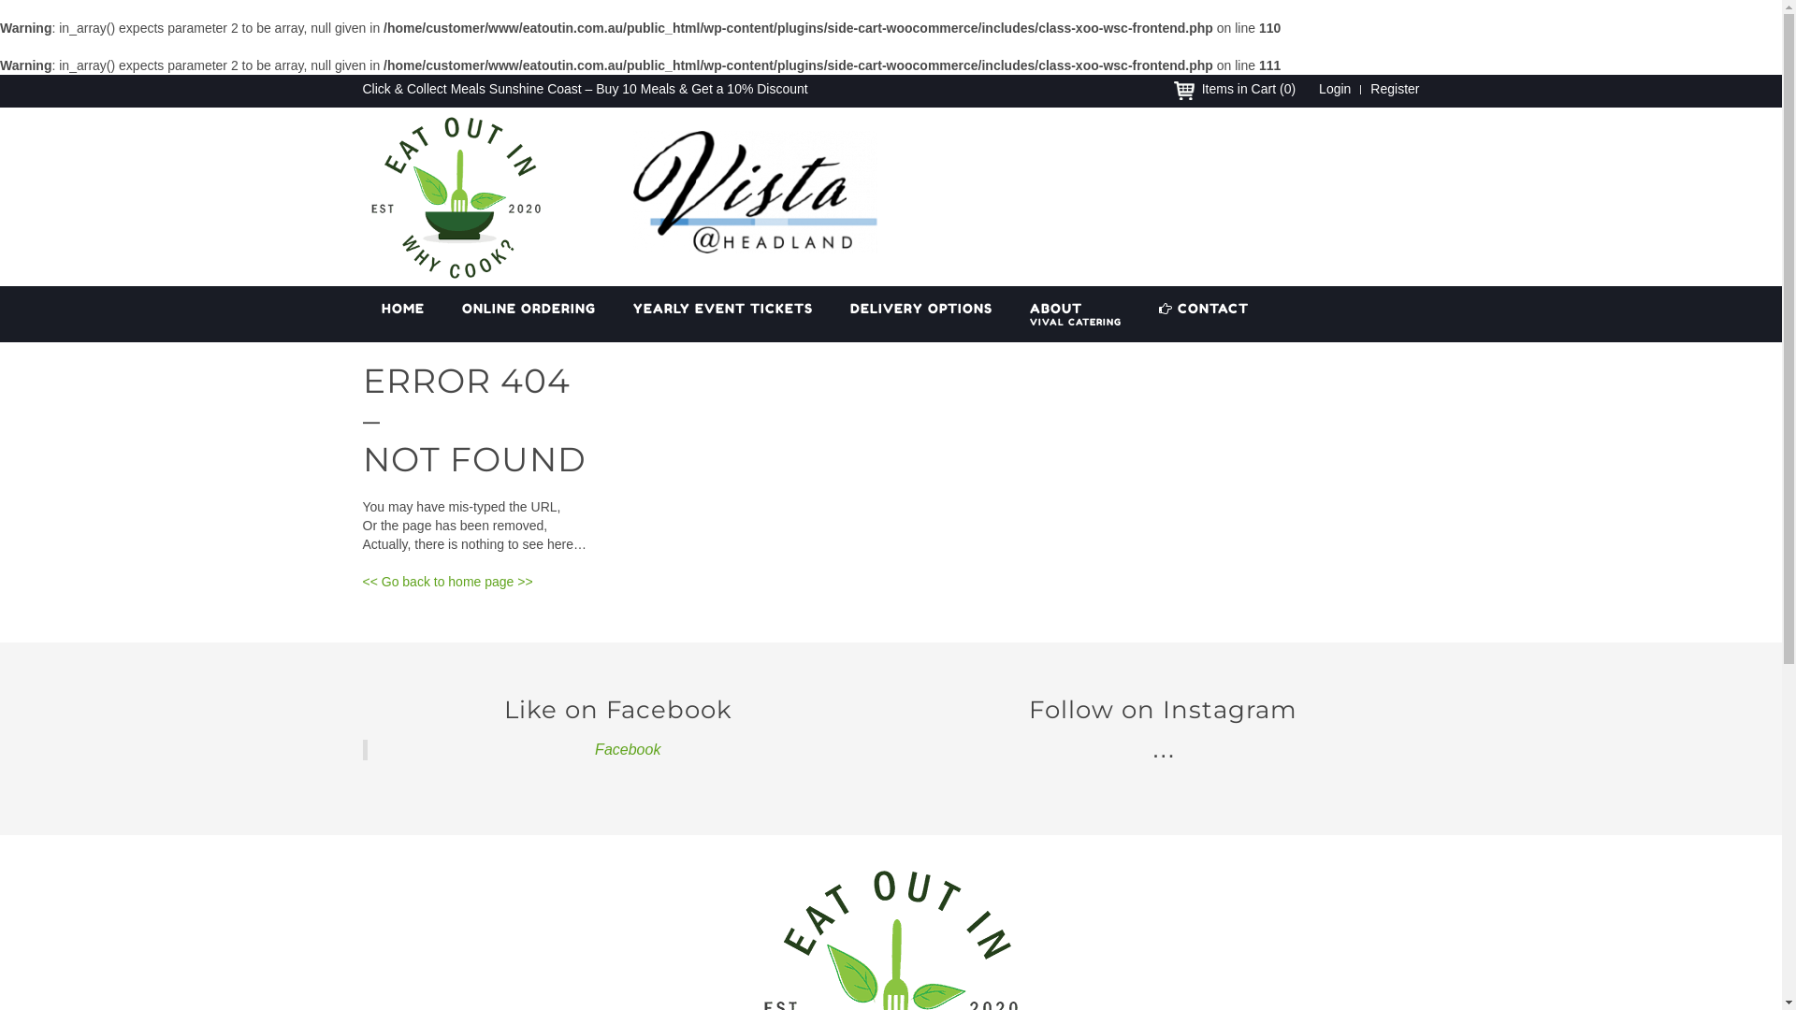 This screenshot has height=1010, width=1796. I want to click on 'HOME', so click(402, 312).